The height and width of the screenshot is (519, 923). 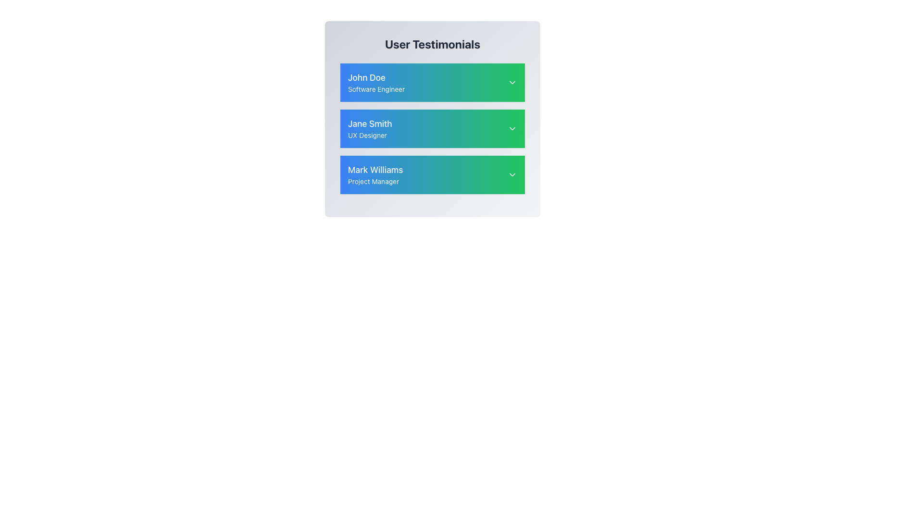 What do you see at coordinates (369, 124) in the screenshot?
I see `the text label displaying 'Jane Smith' which is located in the second card of the 'User Testimonials' section` at bounding box center [369, 124].